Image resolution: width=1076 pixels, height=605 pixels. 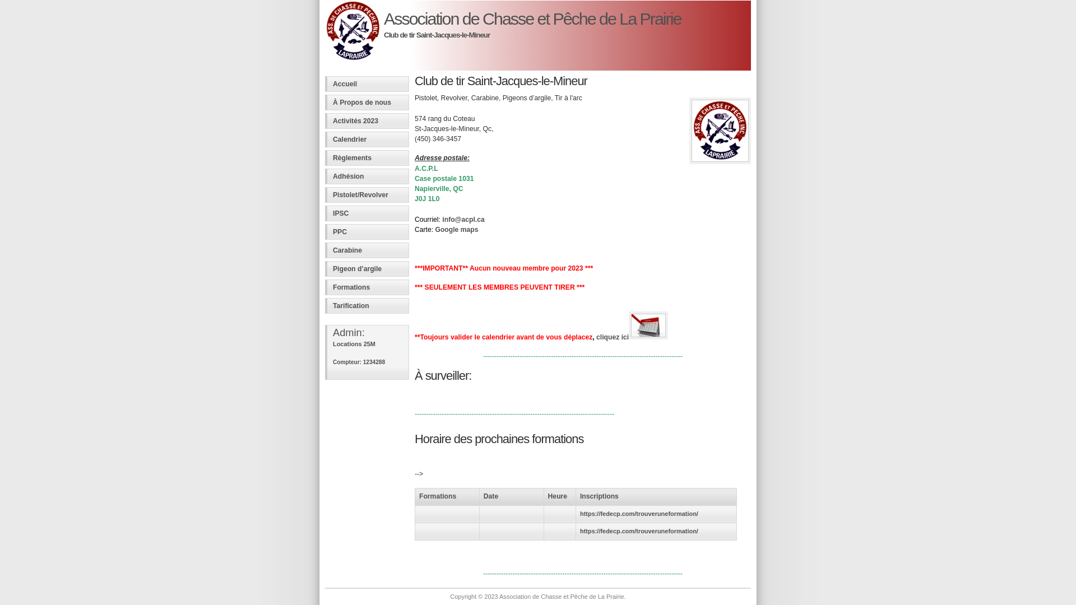 What do you see at coordinates (463, 220) in the screenshot?
I see `'info@acpl.ca'` at bounding box center [463, 220].